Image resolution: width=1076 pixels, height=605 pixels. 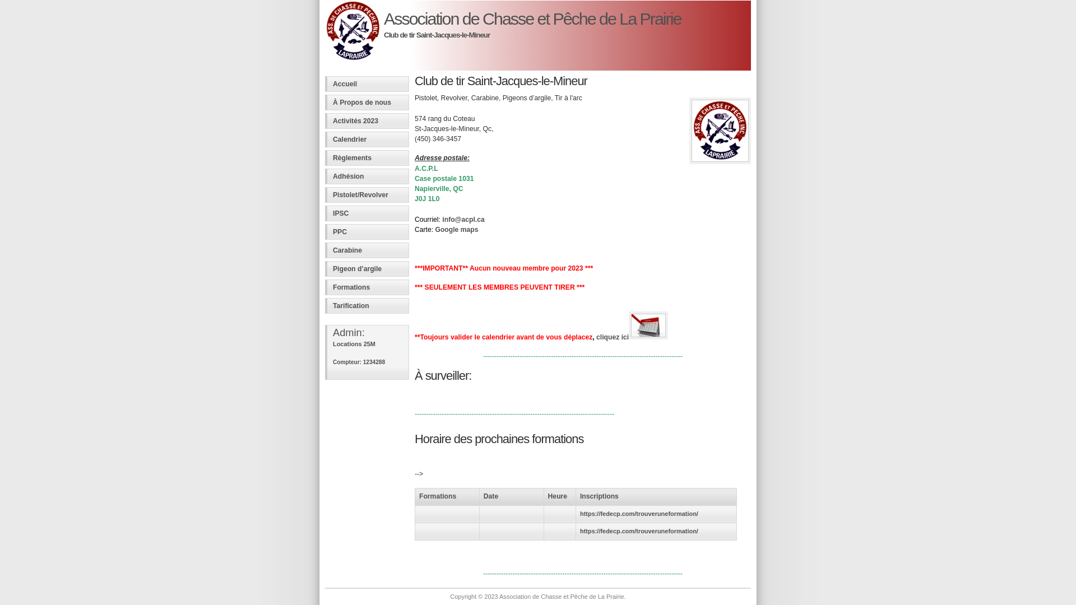 What do you see at coordinates (463, 220) in the screenshot?
I see `'info@acpl.ca'` at bounding box center [463, 220].